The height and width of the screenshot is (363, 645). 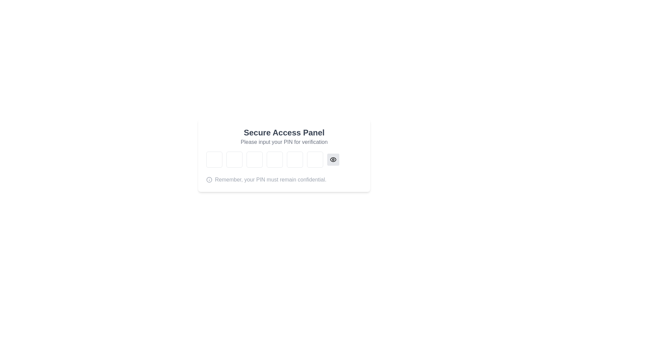 What do you see at coordinates (209, 179) in the screenshot?
I see `the informational icon located at the lower section of the card containing PIN input fields, which is the leftmost element in a horizontal arrangement preceding the text about PIN confidentiality` at bounding box center [209, 179].